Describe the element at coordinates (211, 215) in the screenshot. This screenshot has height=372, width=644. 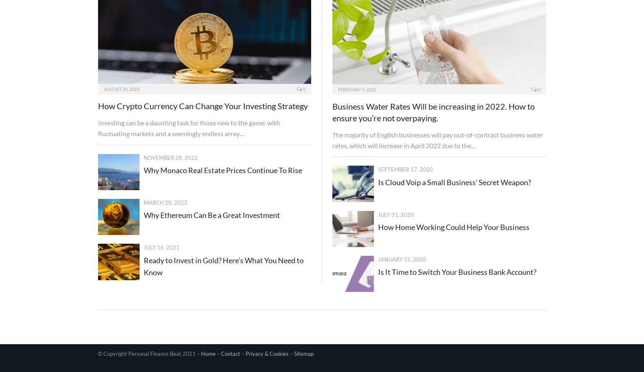
I see `'Why Ethereum Can Be a Great Investment'` at that location.